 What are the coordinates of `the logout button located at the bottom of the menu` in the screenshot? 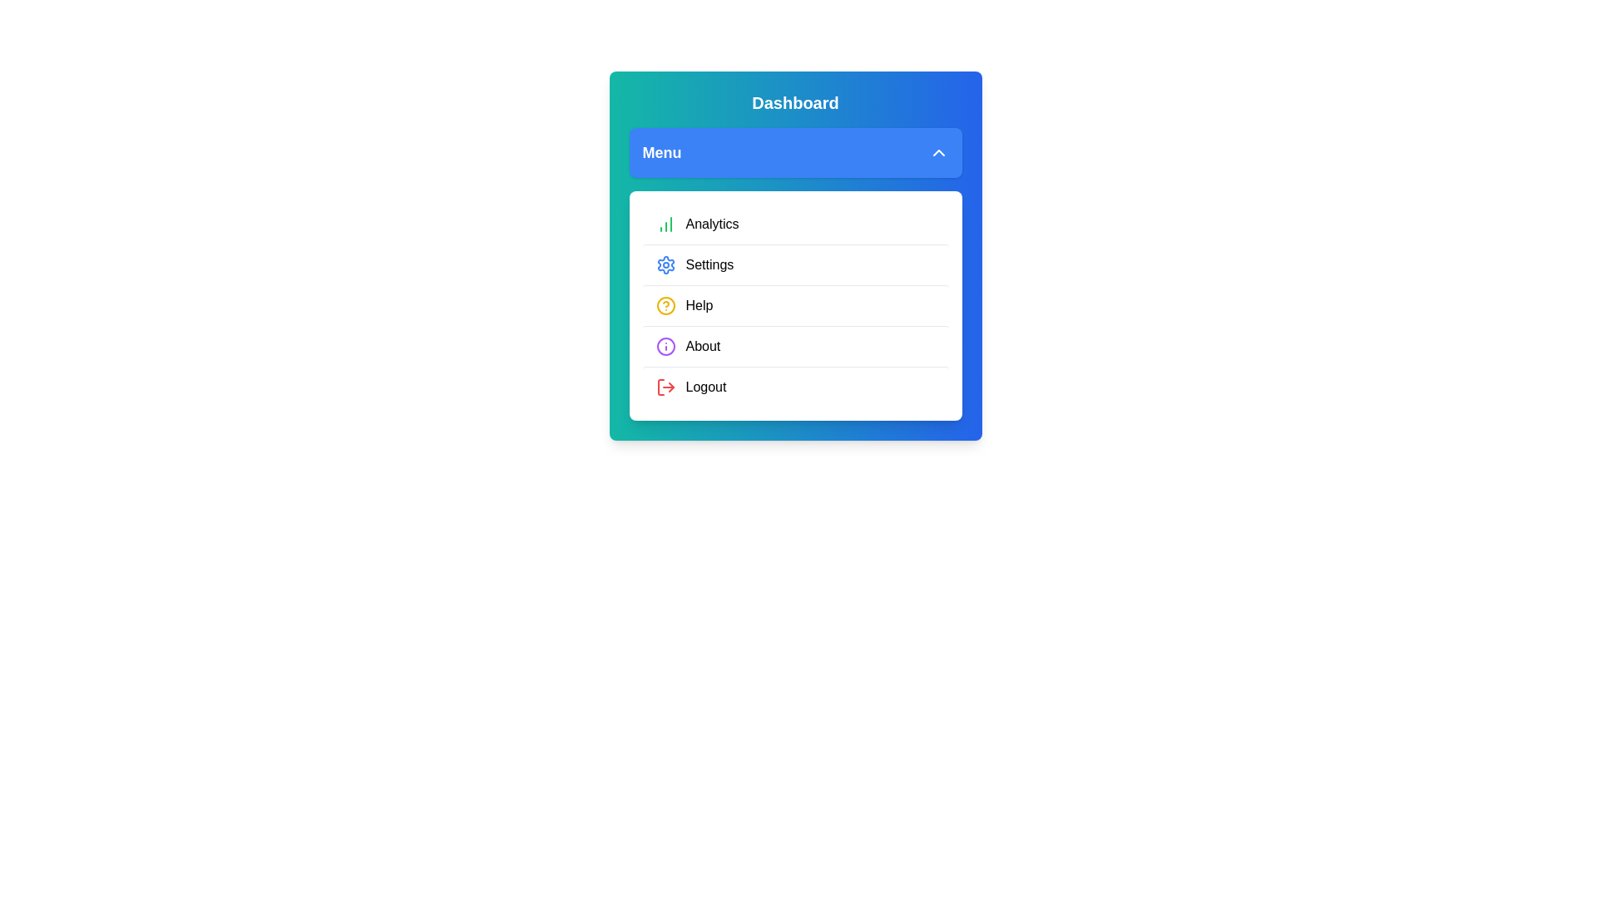 It's located at (794, 387).